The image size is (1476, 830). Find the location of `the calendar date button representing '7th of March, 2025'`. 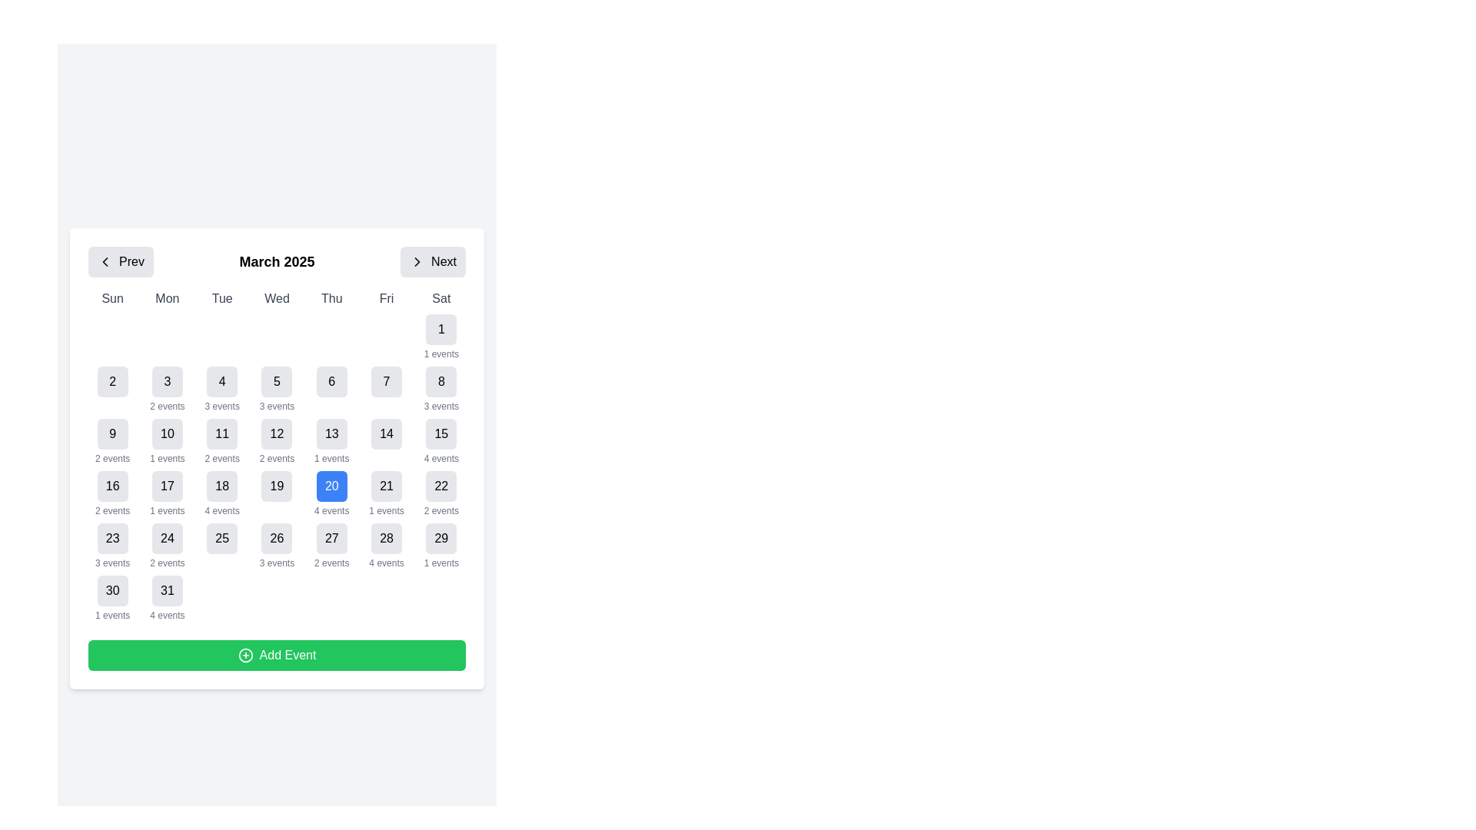

the calendar date button representing '7th of March, 2025' is located at coordinates (387, 381).